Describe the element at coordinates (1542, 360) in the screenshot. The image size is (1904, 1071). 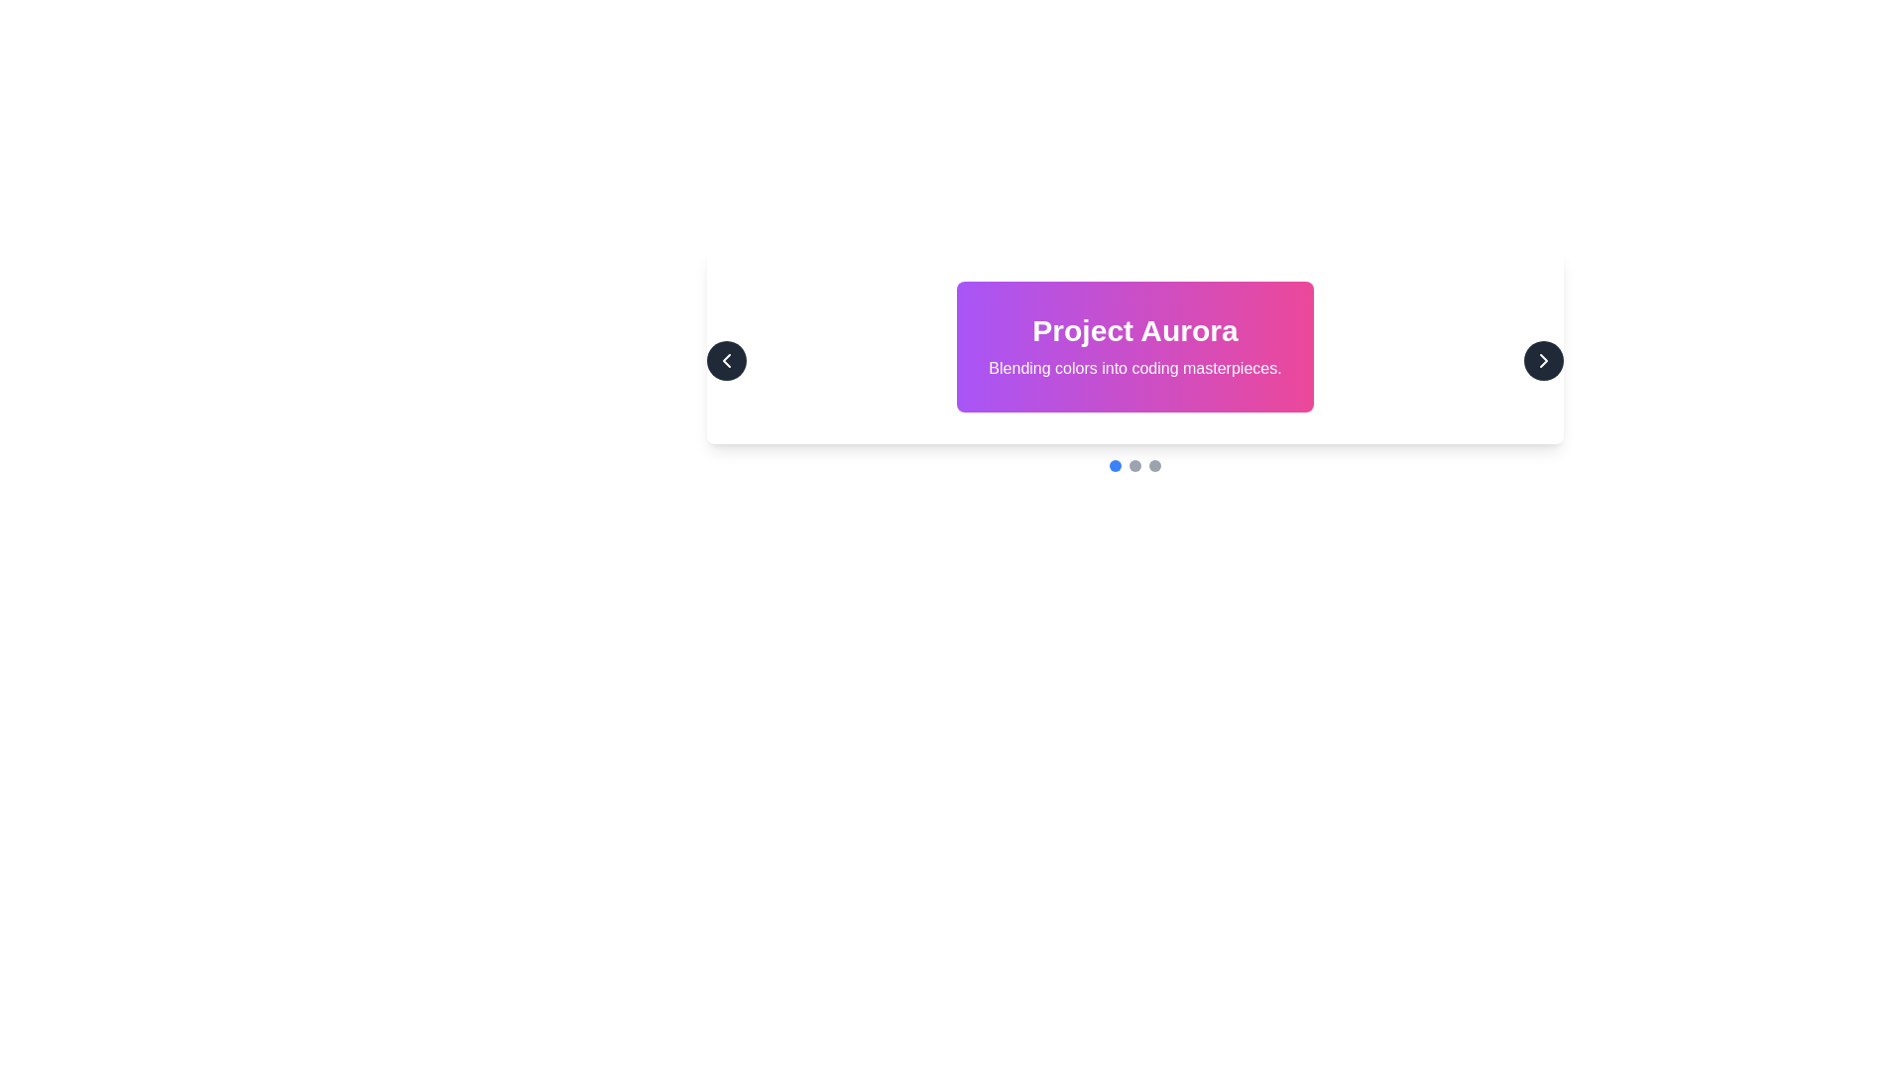
I see `the right-side navigation button for the carousel to observe the hover effect` at that location.